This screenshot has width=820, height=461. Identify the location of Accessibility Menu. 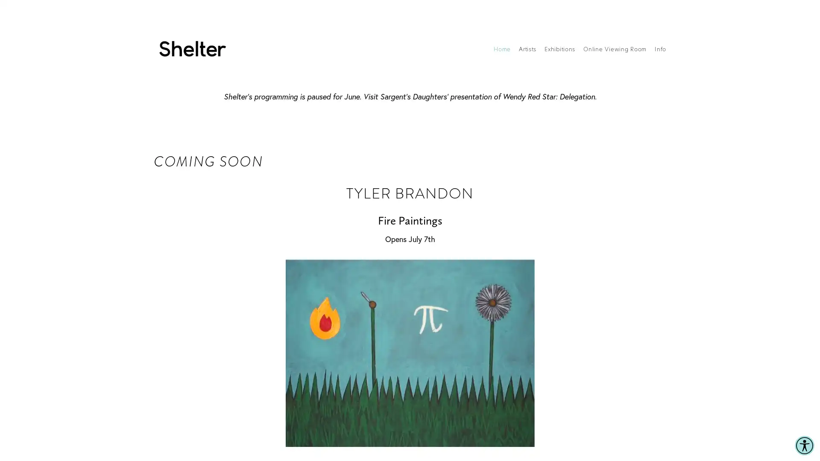
(804, 445).